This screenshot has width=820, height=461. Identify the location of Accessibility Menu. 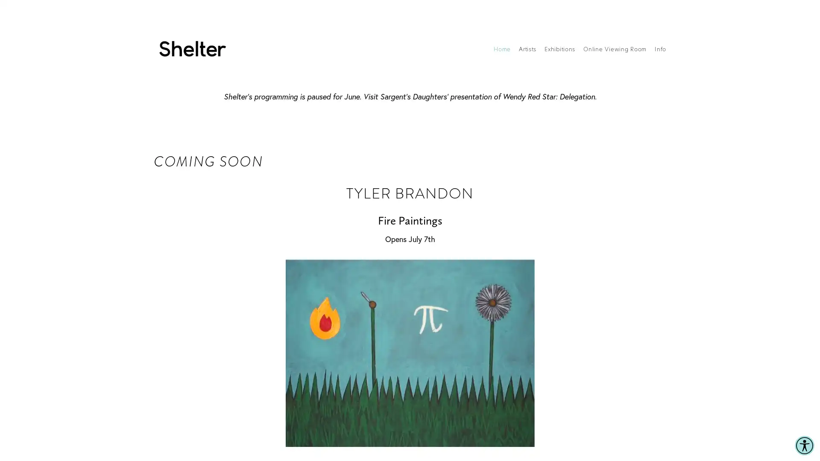
(804, 445).